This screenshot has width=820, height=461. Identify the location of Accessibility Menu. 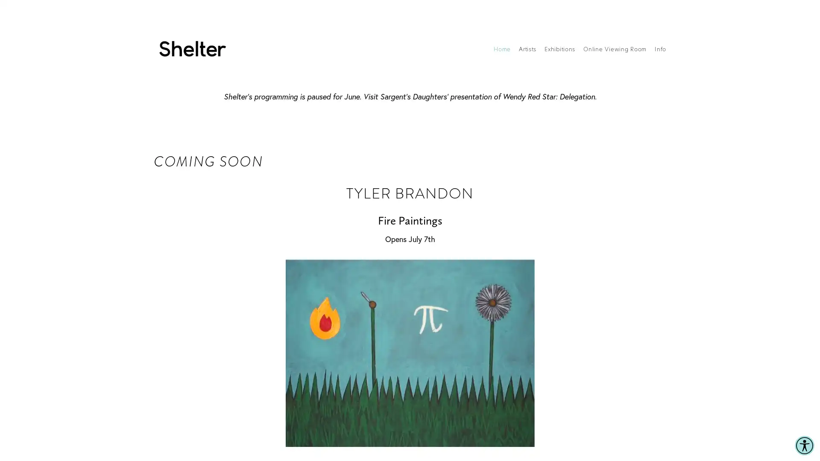
(804, 445).